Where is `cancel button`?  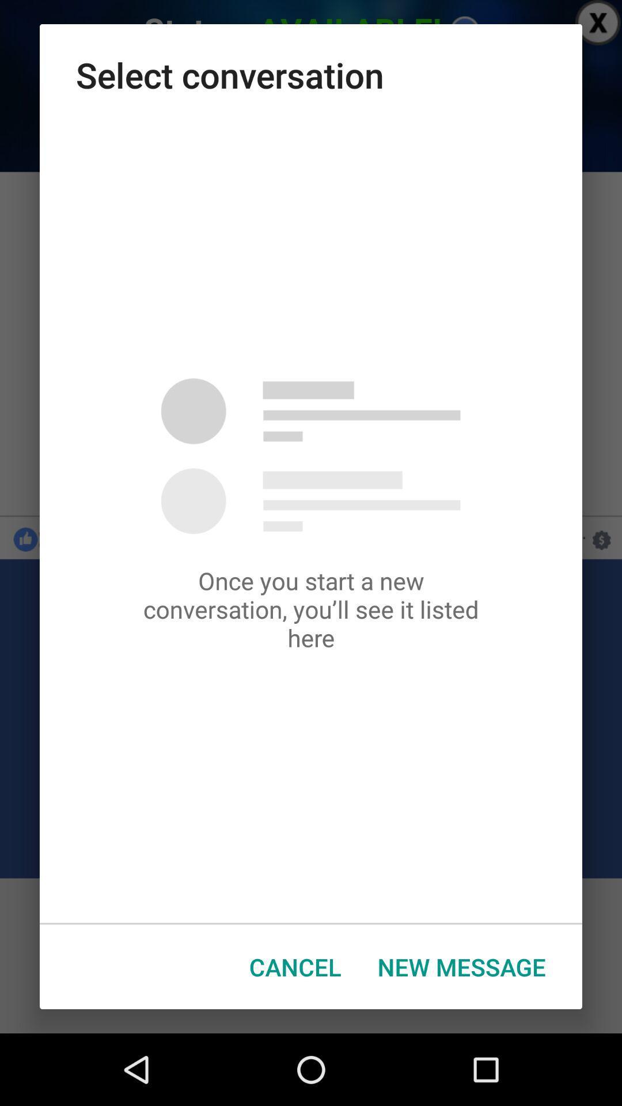
cancel button is located at coordinates (294, 967).